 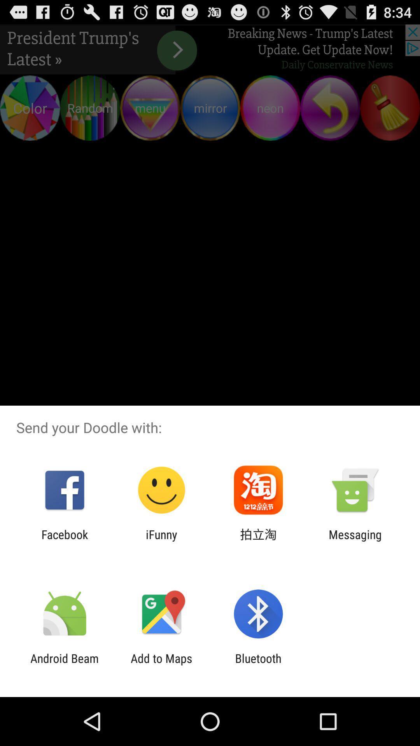 What do you see at coordinates (64, 541) in the screenshot?
I see `app to the left of ifunny icon` at bounding box center [64, 541].